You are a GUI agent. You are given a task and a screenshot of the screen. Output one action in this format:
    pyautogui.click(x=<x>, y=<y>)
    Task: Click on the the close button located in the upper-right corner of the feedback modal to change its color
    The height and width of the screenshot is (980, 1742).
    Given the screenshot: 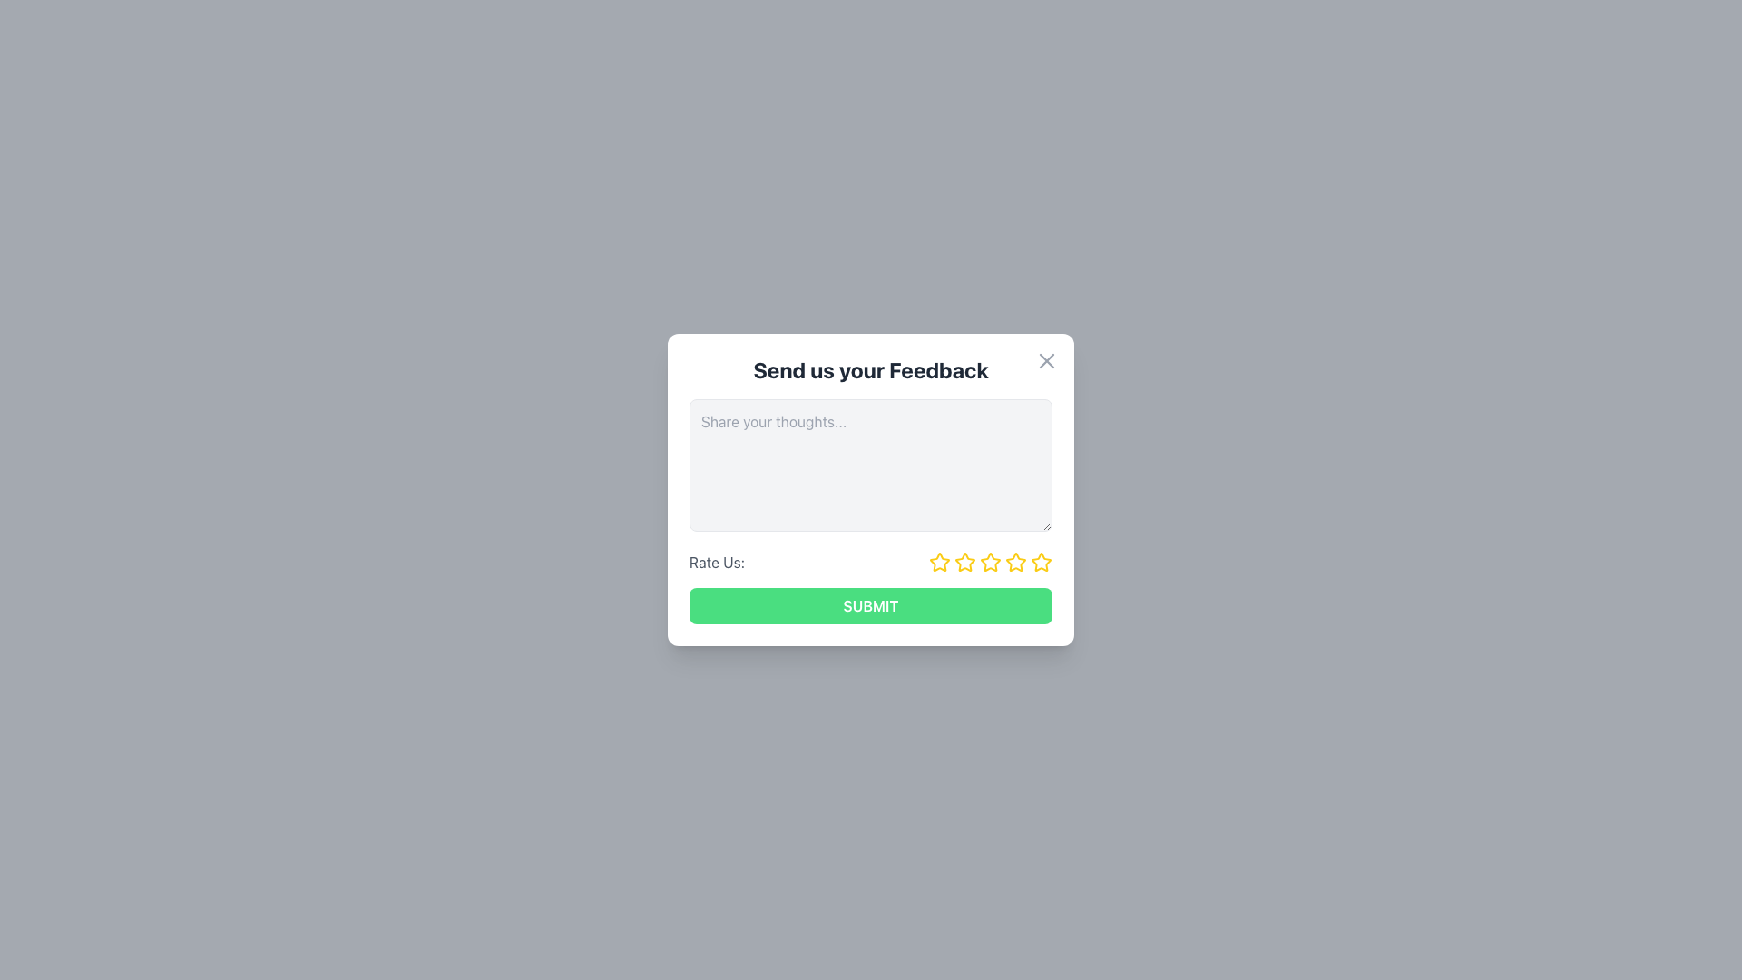 What is the action you would take?
    pyautogui.click(x=1046, y=360)
    